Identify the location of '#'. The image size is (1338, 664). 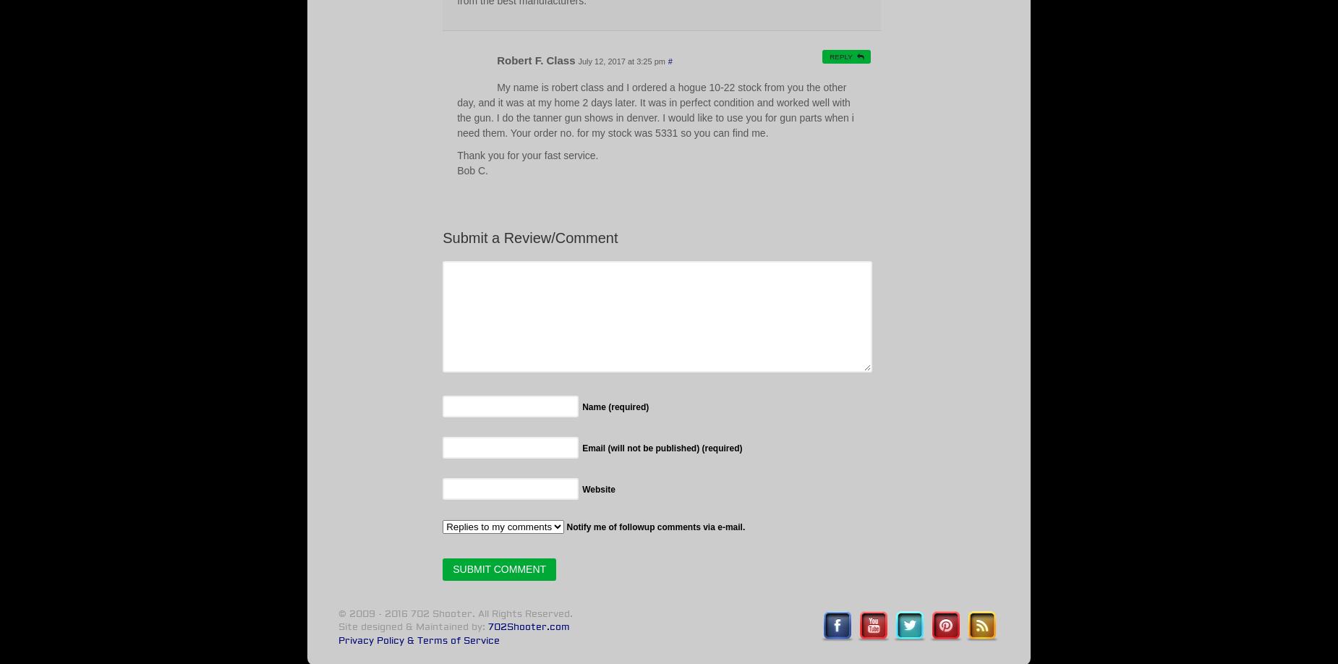
(669, 59).